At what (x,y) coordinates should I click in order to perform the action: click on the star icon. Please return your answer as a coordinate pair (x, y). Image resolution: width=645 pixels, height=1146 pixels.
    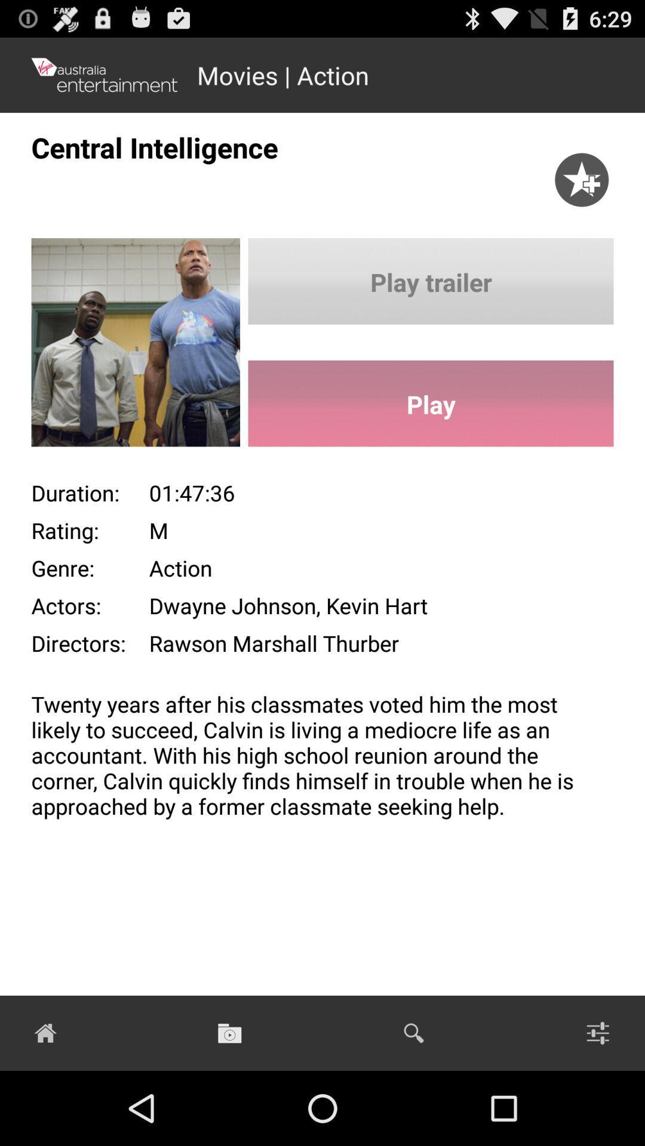
    Looking at the image, I should click on (586, 189).